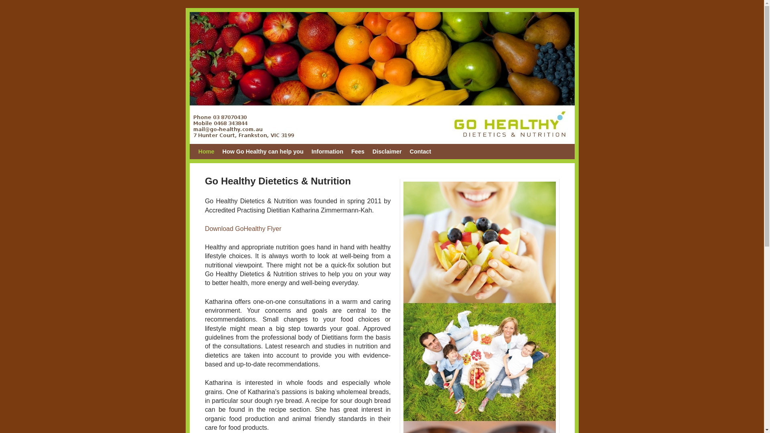 This screenshot has width=770, height=433. I want to click on 'Contact', so click(420, 152).